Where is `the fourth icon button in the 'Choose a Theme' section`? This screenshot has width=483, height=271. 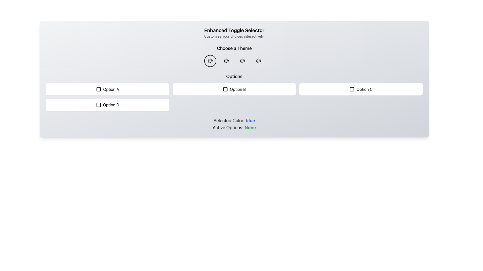
the fourth icon button in the 'Choose a Theme' section is located at coordinates (242, 61).